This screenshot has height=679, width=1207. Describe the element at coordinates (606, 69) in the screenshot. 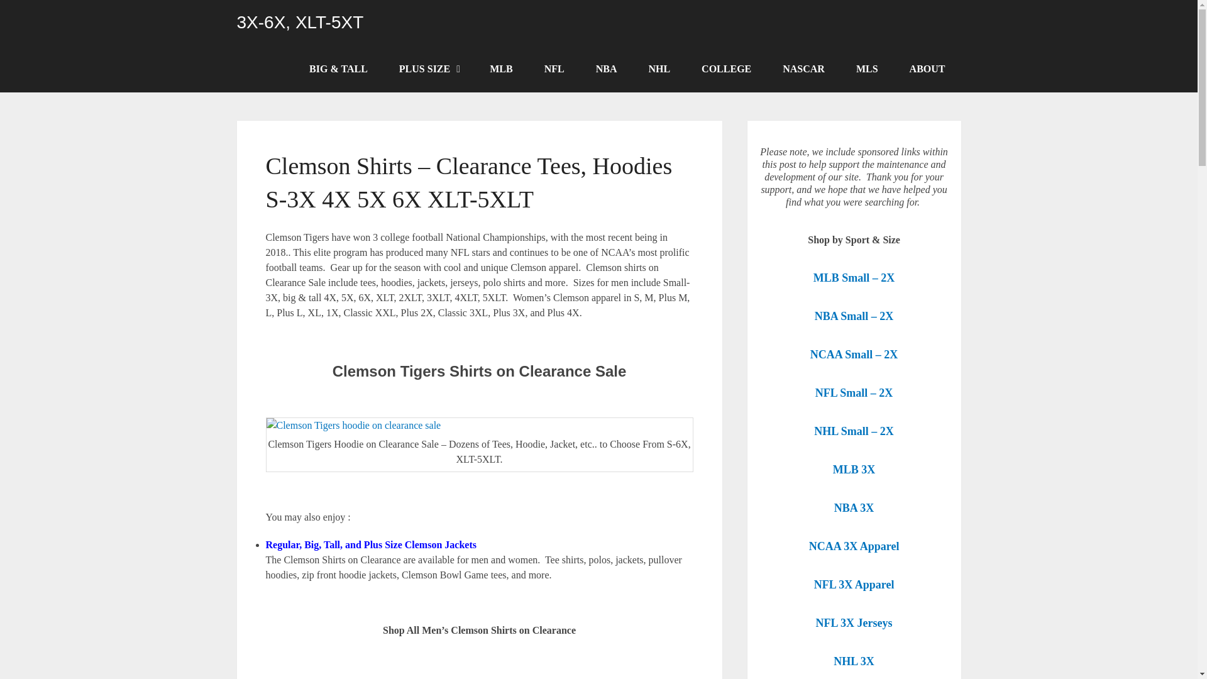

I see `'NBA'` at that location.